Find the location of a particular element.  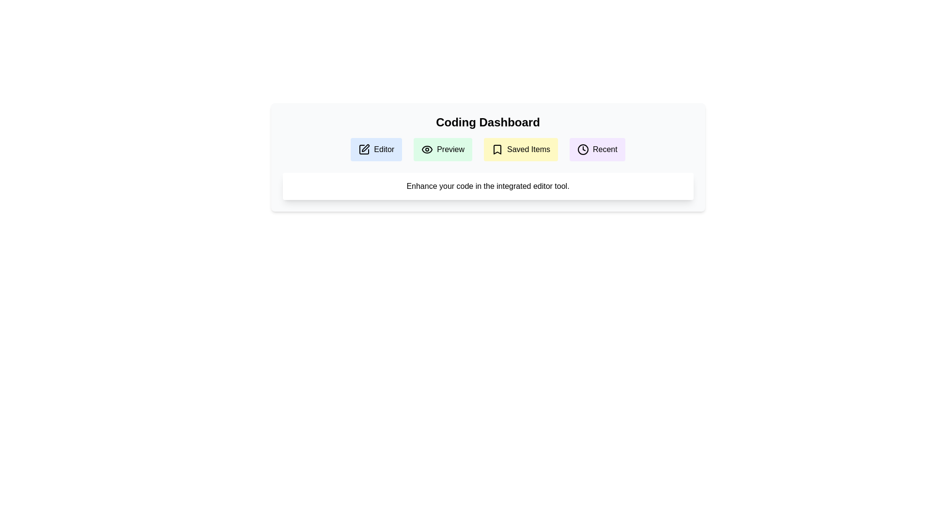

the 'Edit' icon in the 'Editor' button located in the top-left section of the button group in the 'Coding Dashboard' is located at coordinates (364, 149).